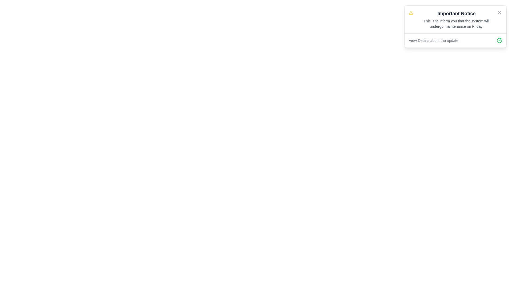 The height and width of the screenshot is (288, 512). Describe the element at coordinates (499, 40) in the screenshot. I see `the Icon resembling a checkmark inside a green circle located at the far-right end of the notification card containing the text 'View Details about the update.'` at that location.